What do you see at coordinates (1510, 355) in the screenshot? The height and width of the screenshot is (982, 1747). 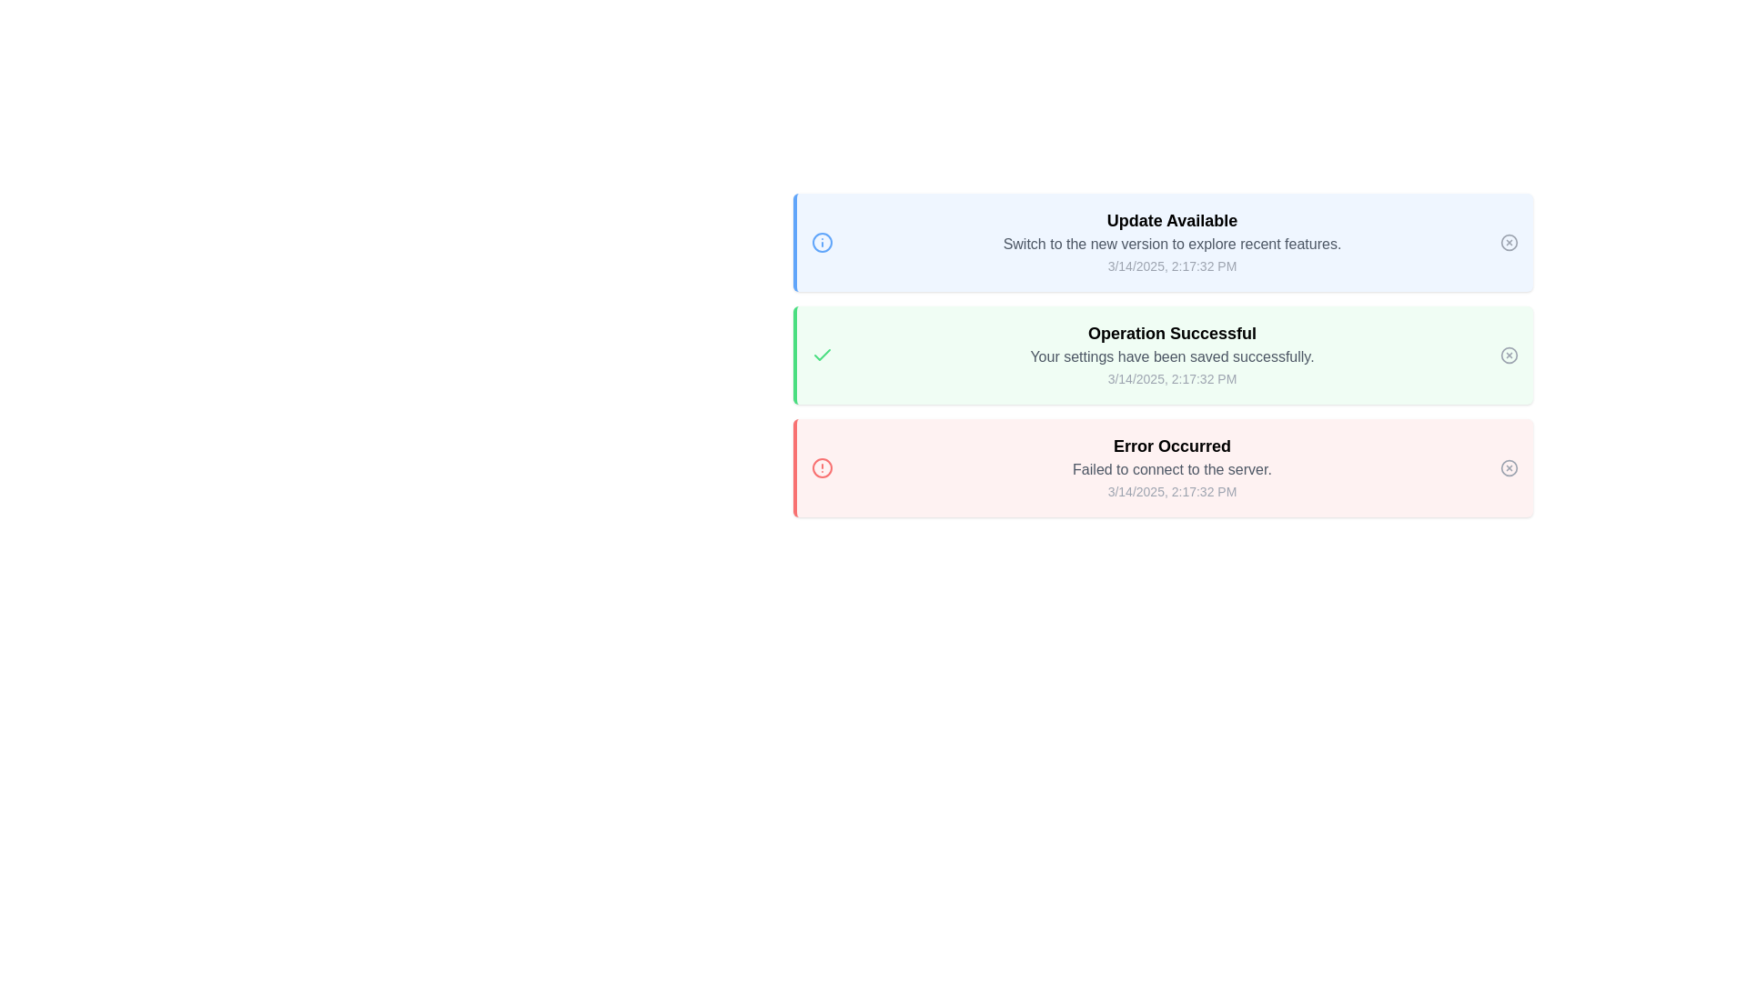 I see `the close button of the notification labeled 'Operation Successful' located at the rightmost end of the notification box` at bounding box center [1510, 355].